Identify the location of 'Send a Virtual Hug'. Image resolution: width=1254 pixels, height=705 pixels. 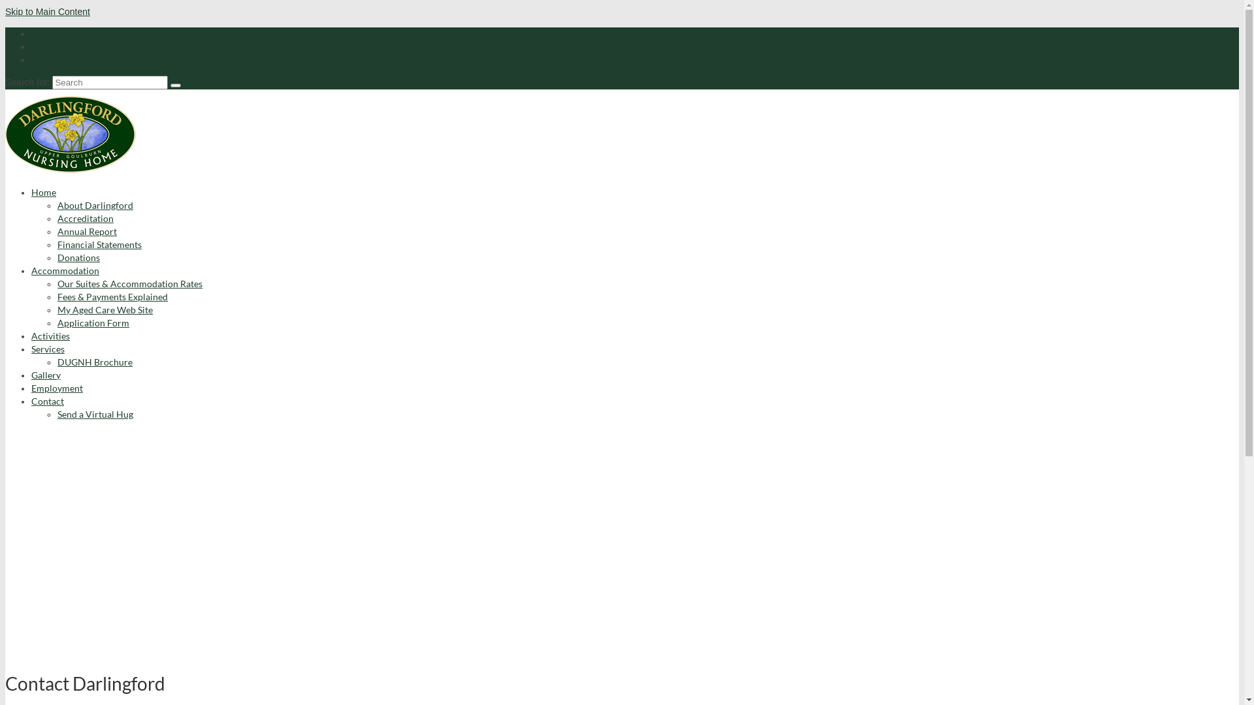
(56, 414).